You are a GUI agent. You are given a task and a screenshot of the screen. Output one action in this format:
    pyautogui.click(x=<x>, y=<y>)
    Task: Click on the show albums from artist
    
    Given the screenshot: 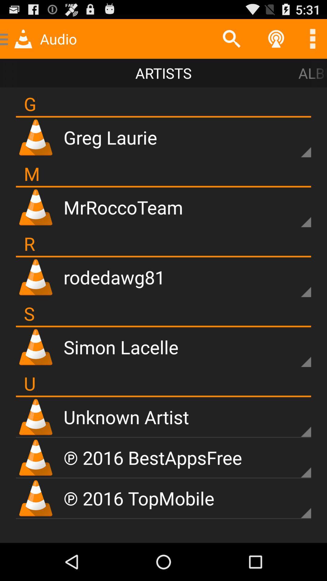 What is the action you would take?
    pyautogui.click(x=295, y=421)
    